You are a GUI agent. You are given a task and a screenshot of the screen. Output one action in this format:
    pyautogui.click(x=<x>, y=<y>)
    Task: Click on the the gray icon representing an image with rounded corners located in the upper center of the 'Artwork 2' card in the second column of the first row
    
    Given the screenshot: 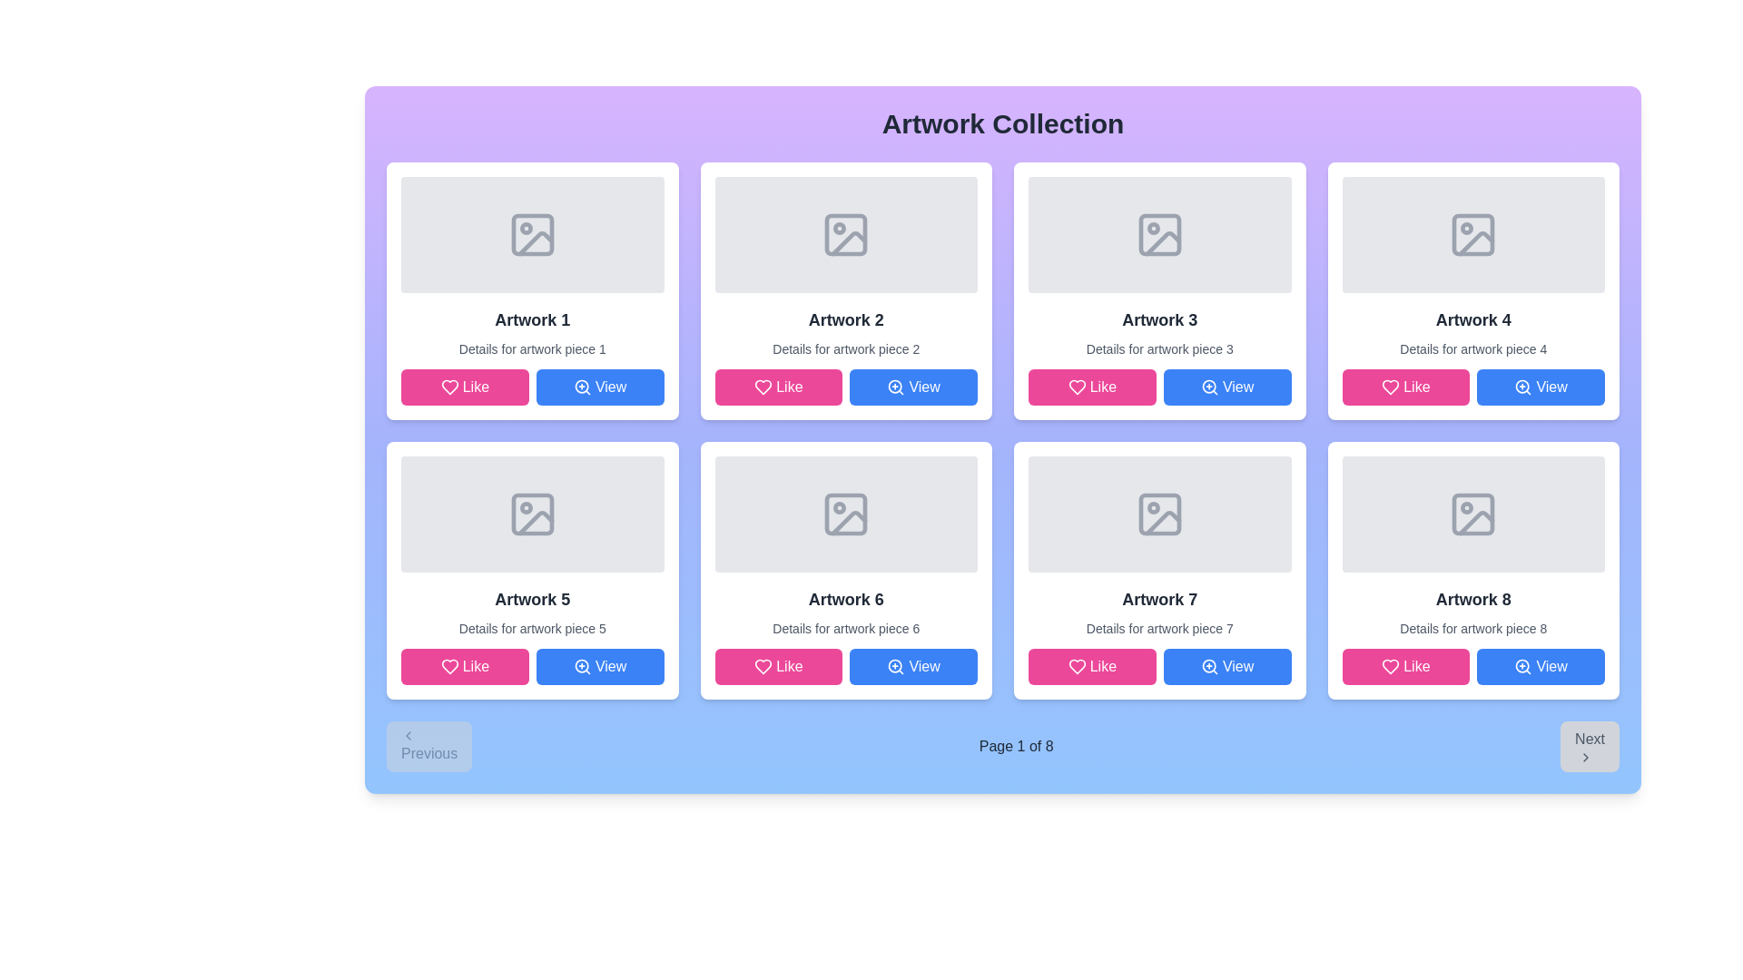 What is the action you would take?
    pyautogui.click(x=845, y=233)
    